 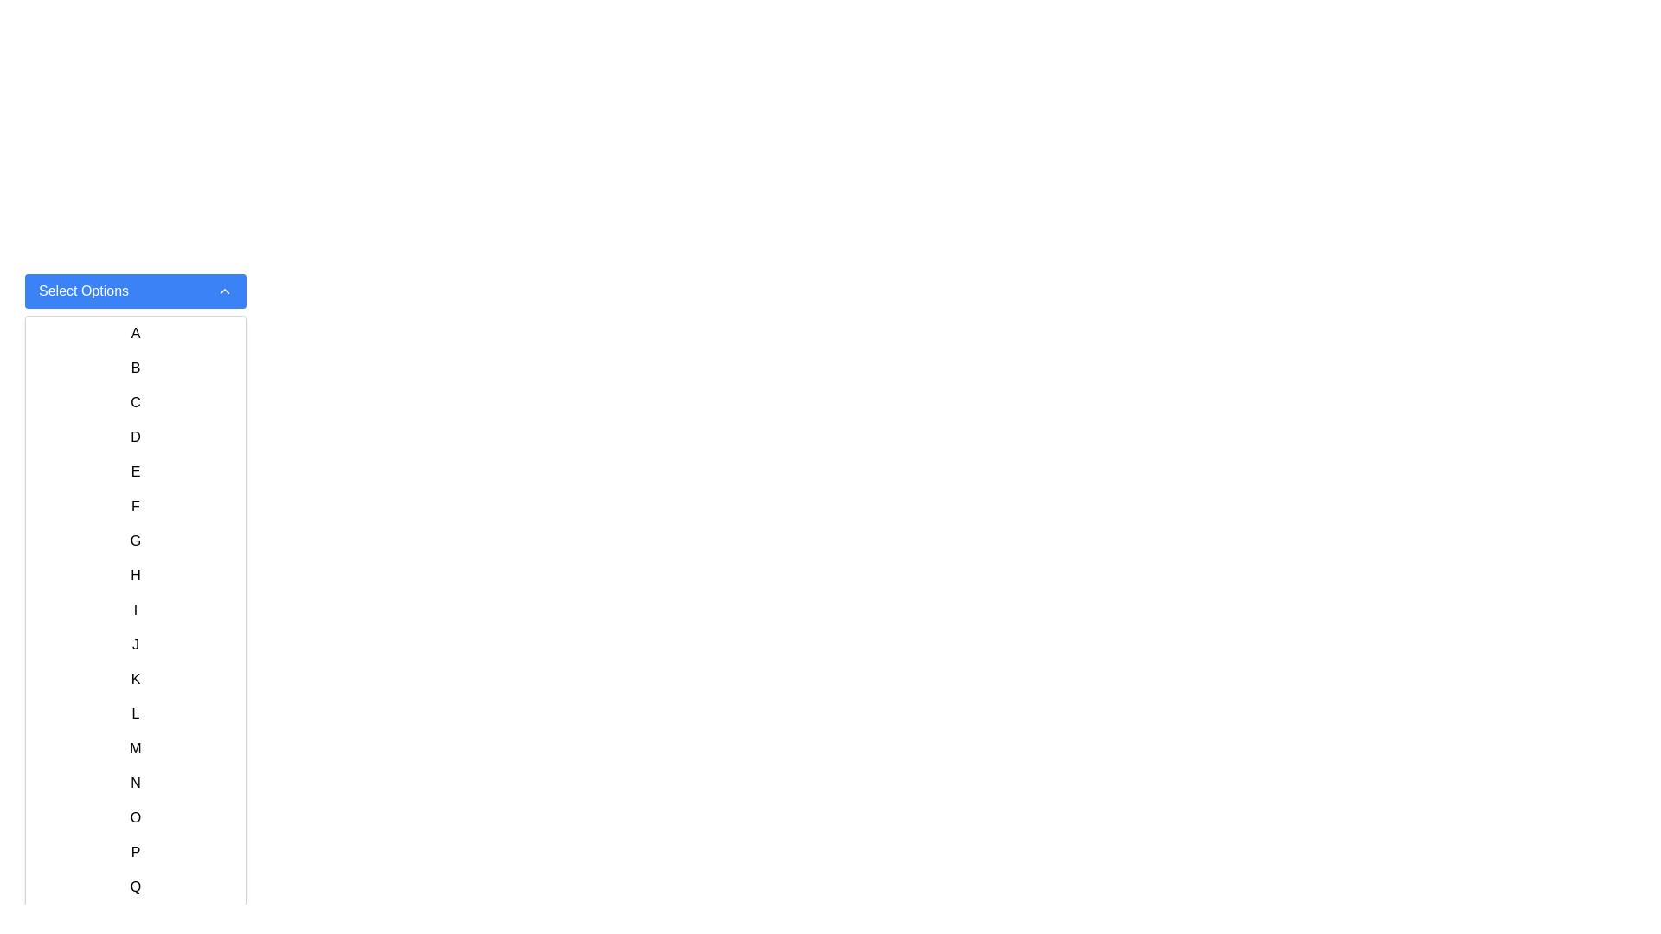 What do you see at coordinates (82, 290) in the screenshot?
I see `the text label in the interactive button or dropdown trigger located on the left side of the bar, which prompts the user to select from a list of options` at bounding box center [82, 290].